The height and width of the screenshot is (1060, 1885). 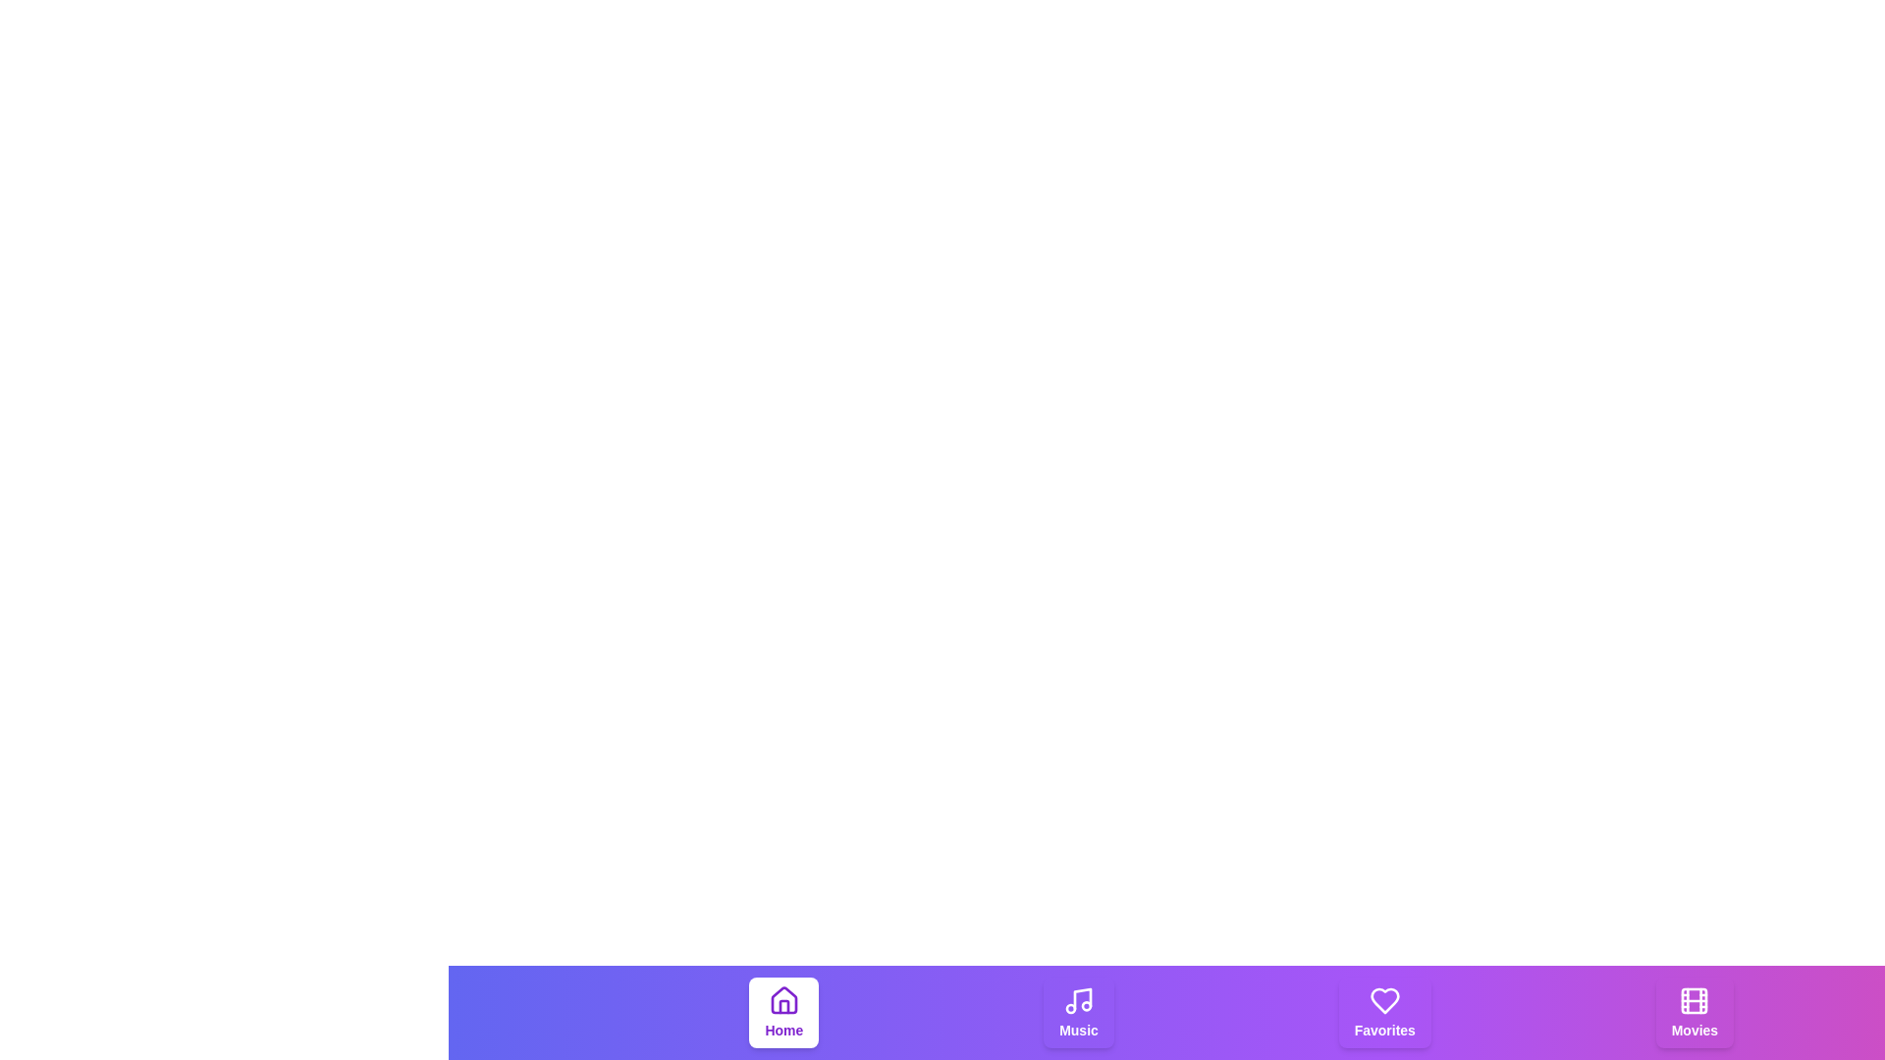 What do you see at coordinates (1078, 1013) in the screenshot?
I see `the tab labeled Music` at bounding box center [1078, 1013].